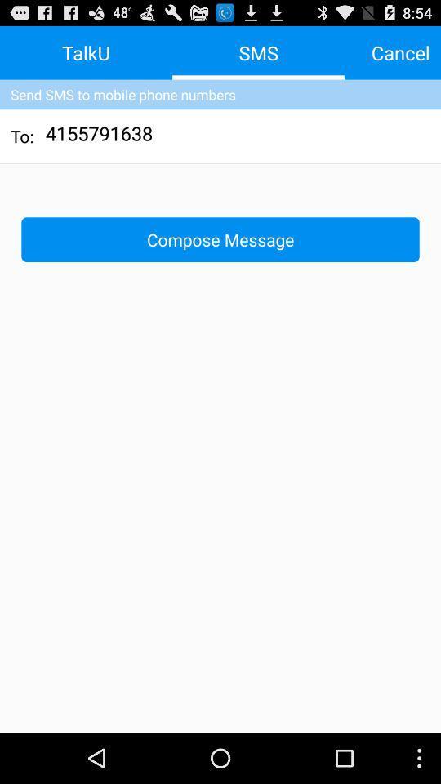 Image resolution: width=441 pixels, height=784 pixels. Describe the element at coordinates (100, 135) in the screenshot. I see `the item to the right of the to: icon` at that location.